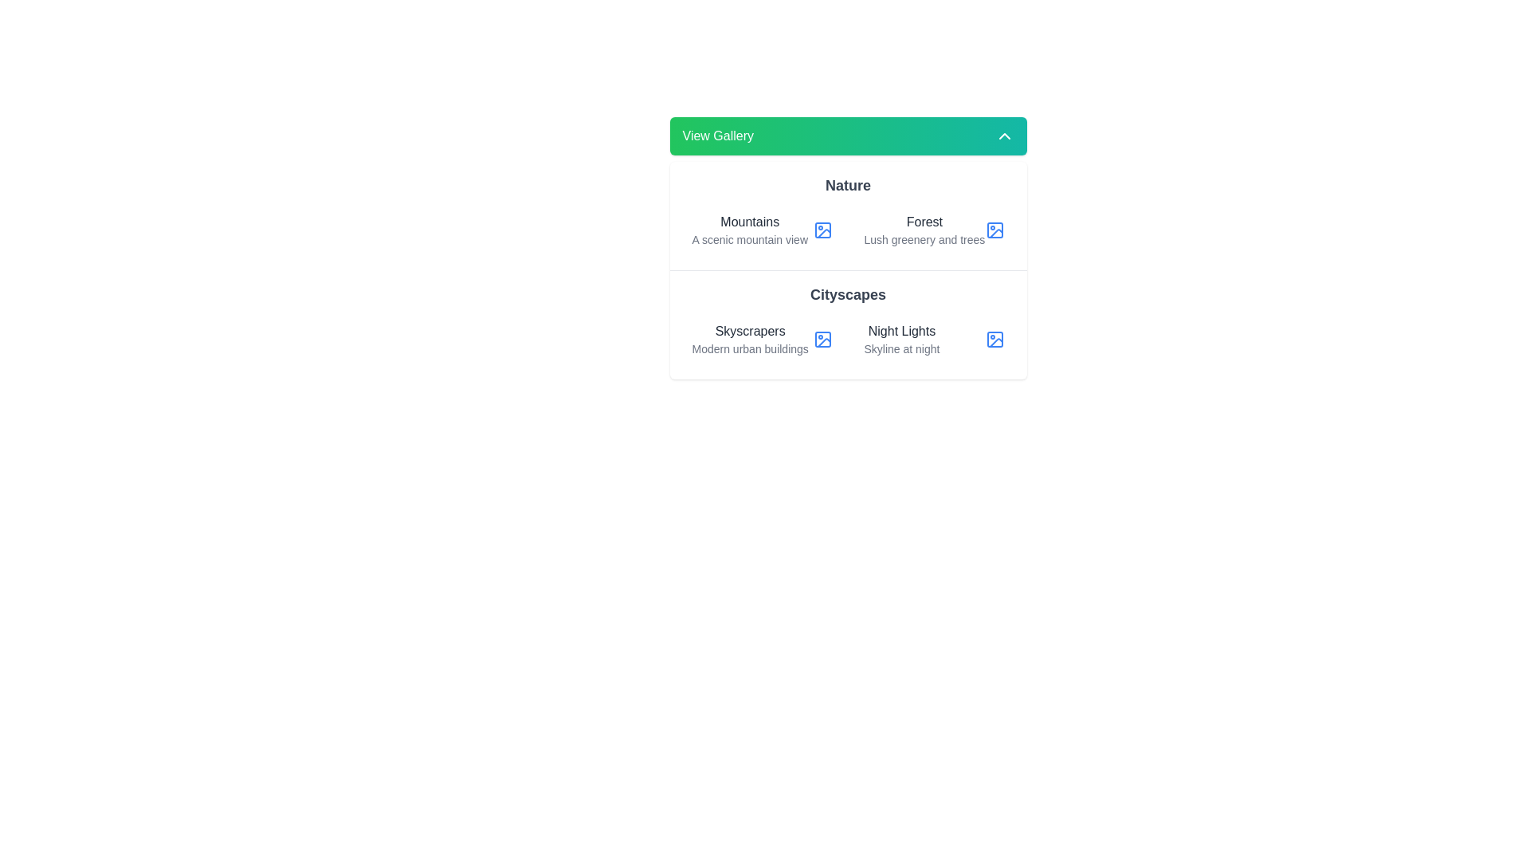 The image size is (1530, 861). I want to click on the 'Mountains' Selection Card, which features a title in medium dark gray font and a subtitle in smaller light gray font, accompanied by an image placeholder icon with a blue outline, located in the top row of the 'Nature' section, so click(761, 230).